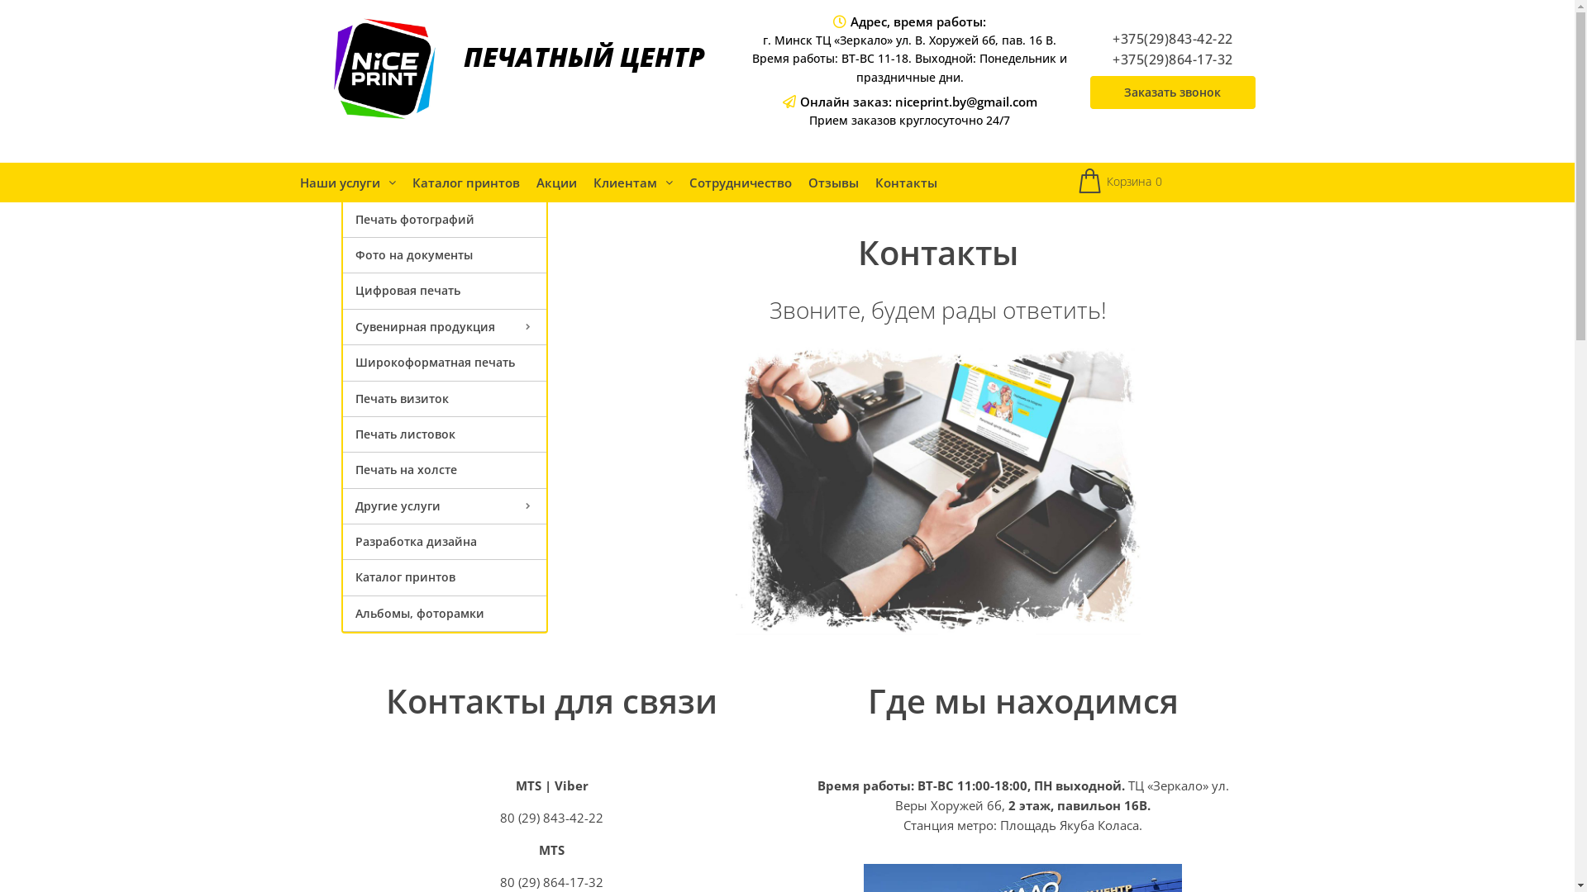 The width and height of the screenshot is (1587, 892). What do you see at coordinates (1172, 59) in the screenshot?
I see `'+375(29)864-17-32'` at bounding box center [1172, 59].